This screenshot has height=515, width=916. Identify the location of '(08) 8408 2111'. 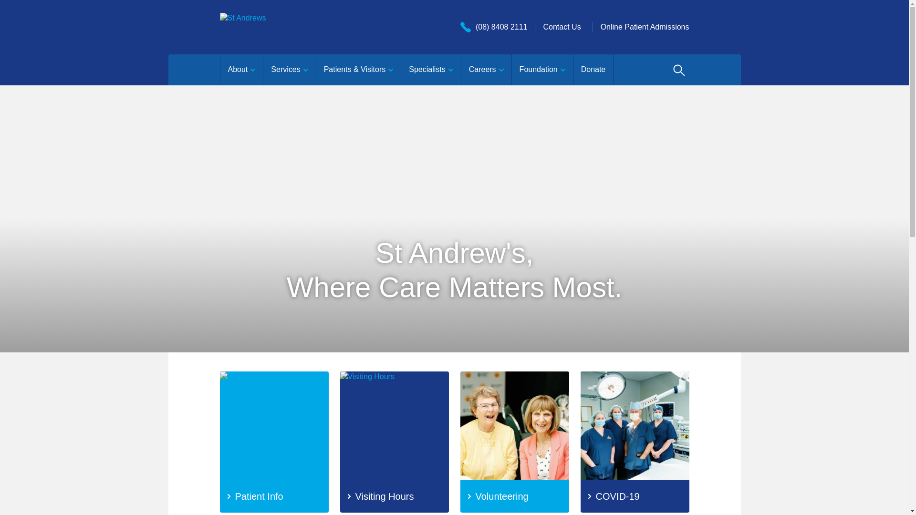
(460, 26).